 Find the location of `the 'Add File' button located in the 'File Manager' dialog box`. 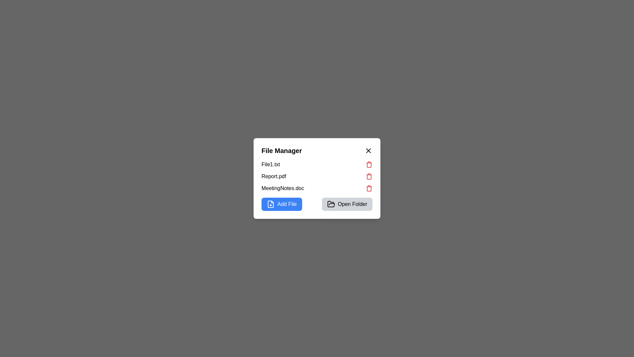

the 'Add File' button located in the 'File Manager' dialog box is located at coordinates (282, 204).